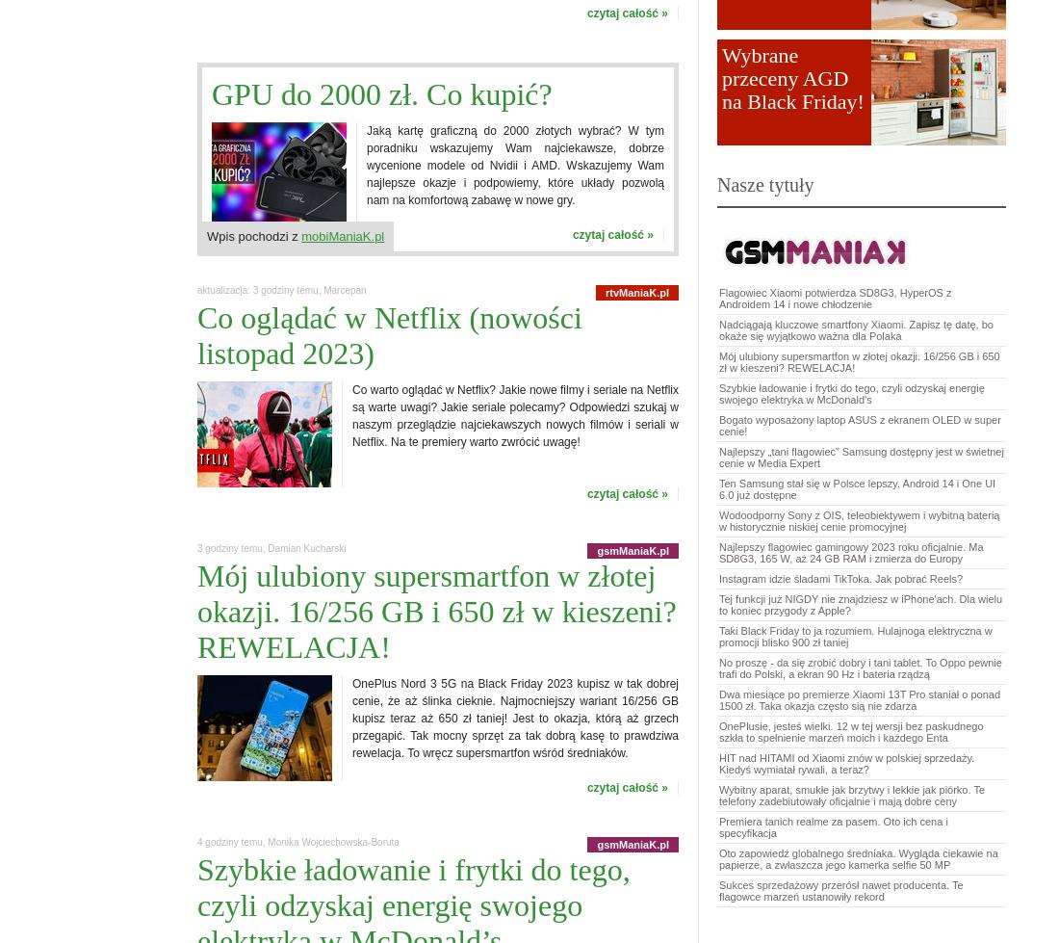 The image size is (1059, 943). Describe the element at coordinates (854, 636) in the screenshot. I see `'Taki Black Friday to ja rozumiem. Hulajnoga elektryczna w promocji blisko 900 zł taniej'` at that location.